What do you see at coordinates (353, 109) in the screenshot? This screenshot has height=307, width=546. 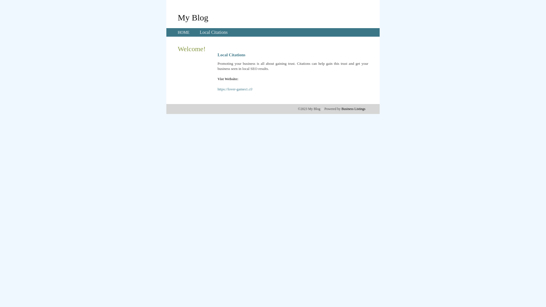 I see `'Business Listings'` at bounding box center [353, 109].